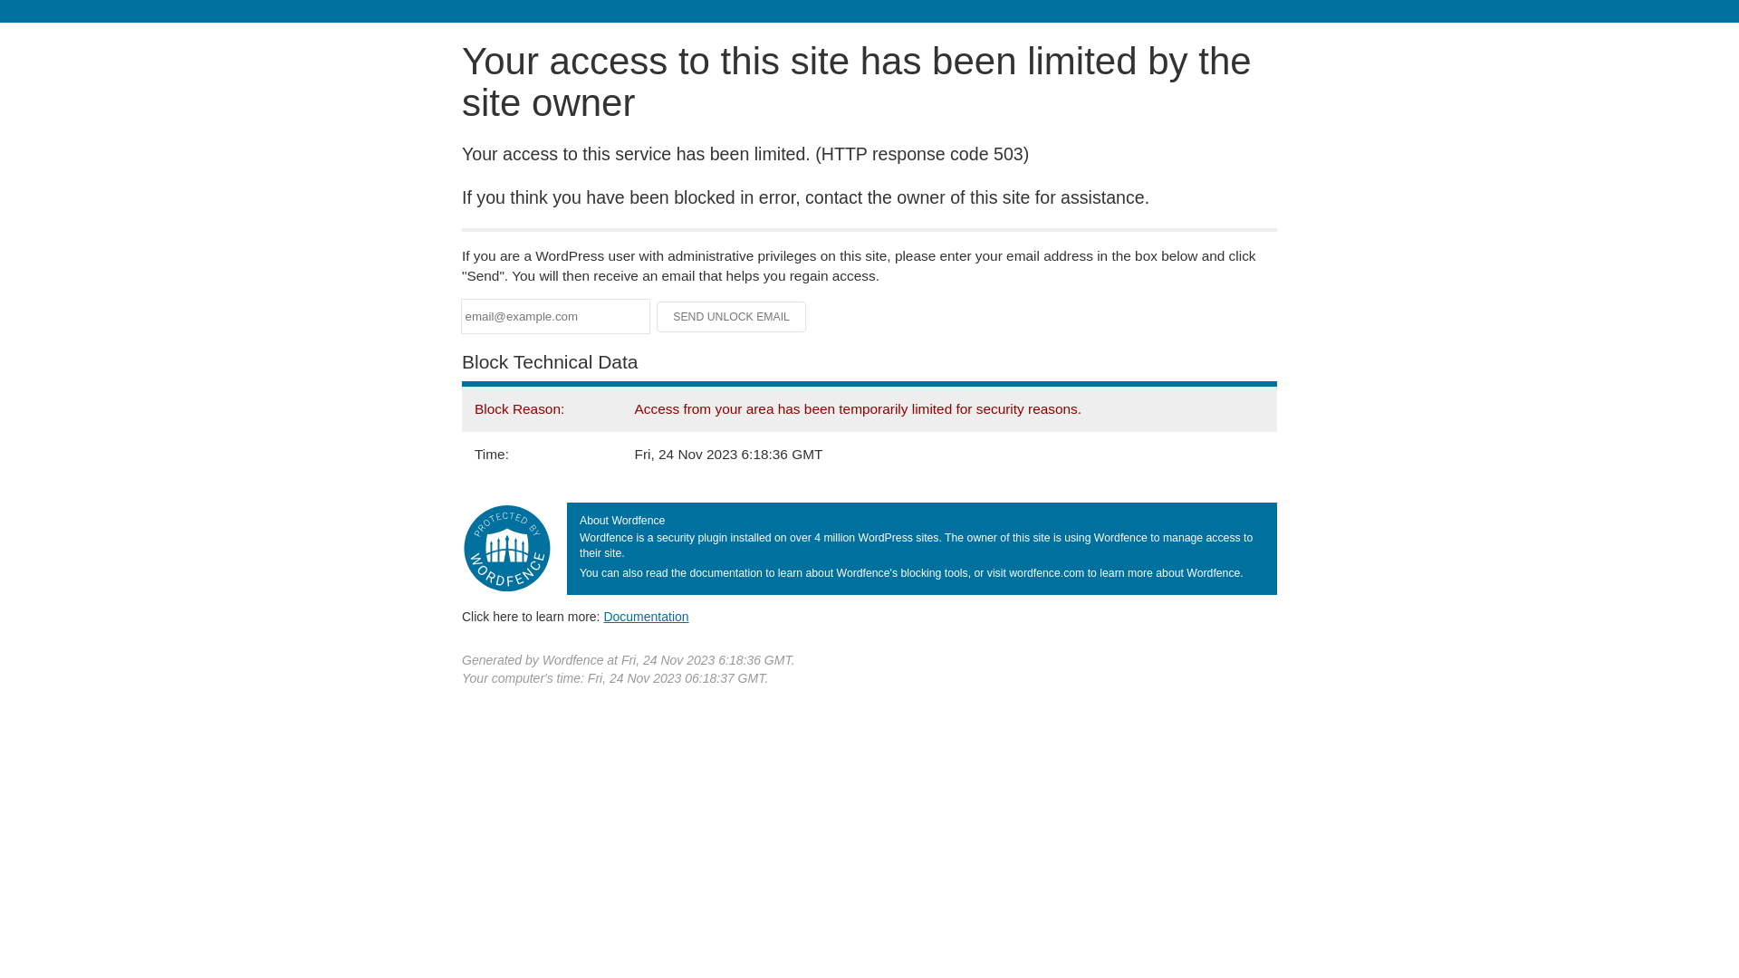  I want to click on 'Send Unlock Email', so click(731, 316).